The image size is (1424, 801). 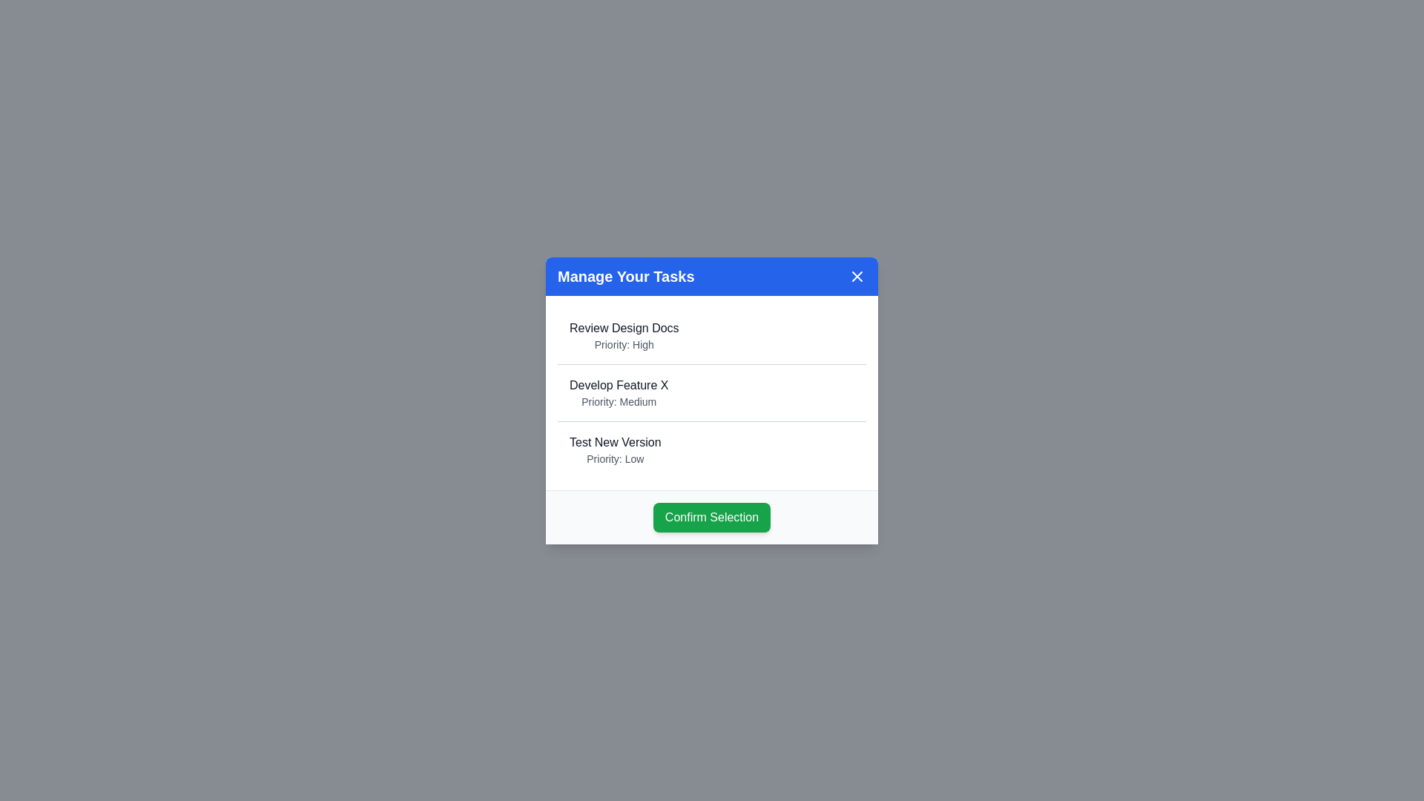 I want to click on the task Develop Feature X from the list, so click(x=619, y=384).